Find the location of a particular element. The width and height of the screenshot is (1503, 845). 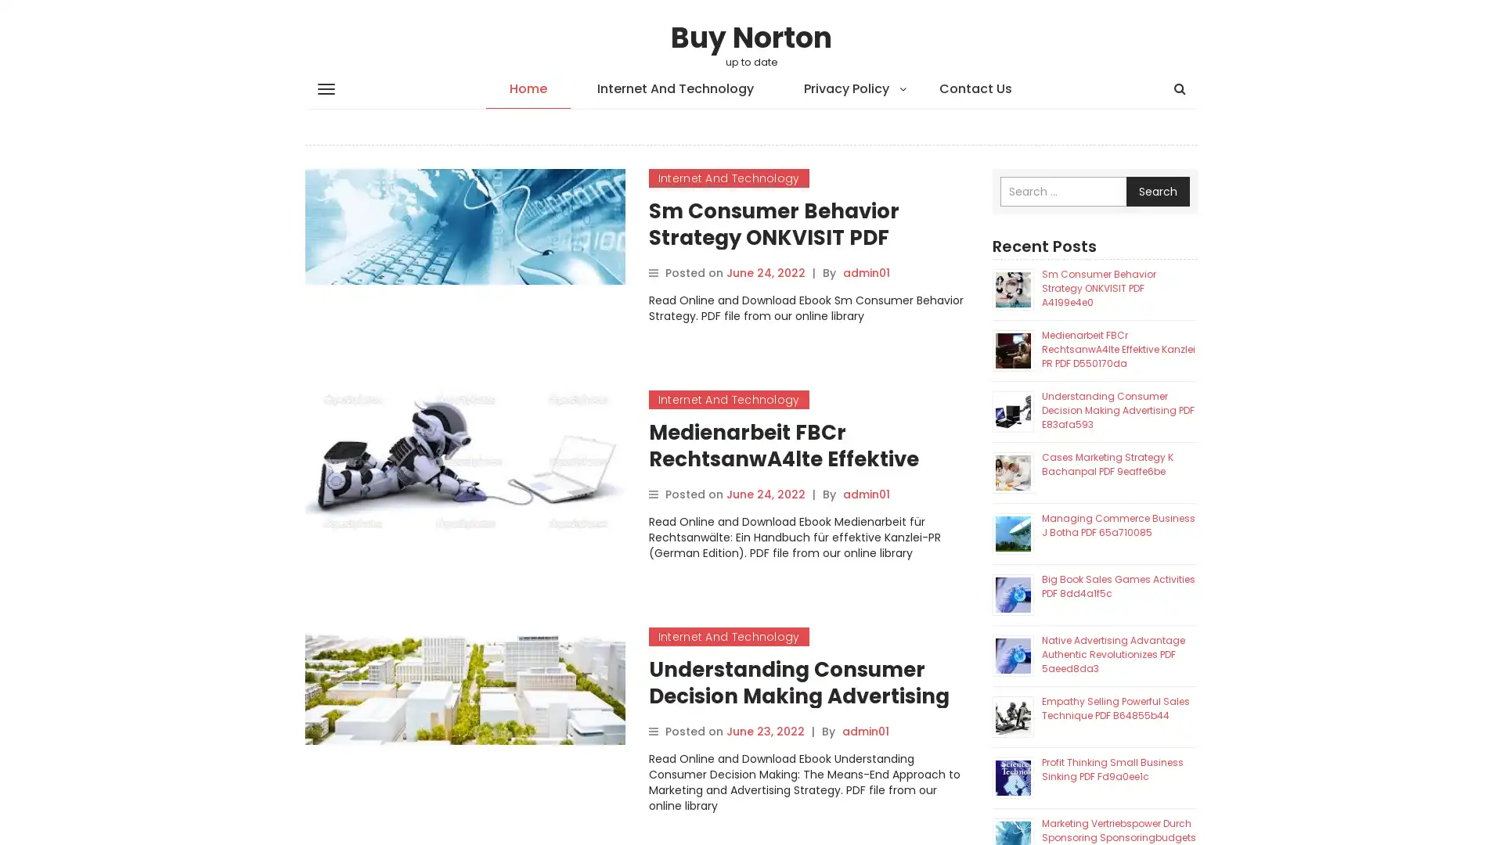

Search is located at coordinates (1158, 191).